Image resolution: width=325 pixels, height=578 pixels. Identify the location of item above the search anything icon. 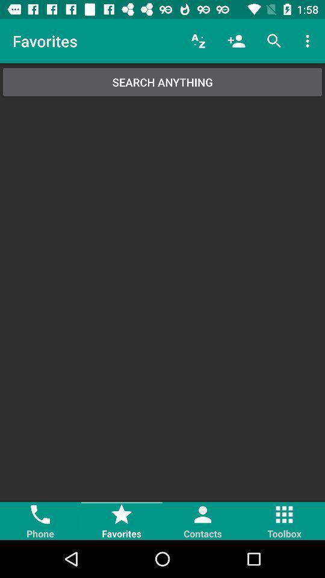
(198, 41).